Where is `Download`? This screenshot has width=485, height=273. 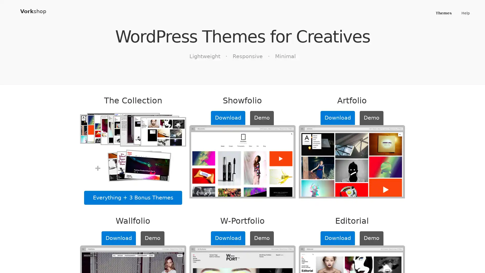 Download is located at coordinates (228, 118).